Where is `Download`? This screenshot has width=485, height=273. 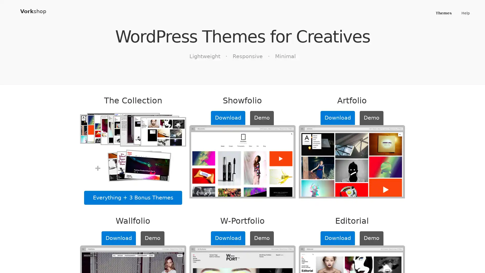 Download is located at coordinates (228, 118).